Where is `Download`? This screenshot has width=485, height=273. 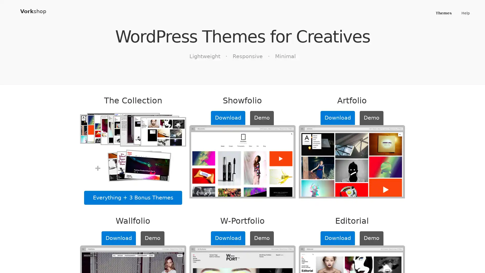 Download is located at coordinates (228, 118).